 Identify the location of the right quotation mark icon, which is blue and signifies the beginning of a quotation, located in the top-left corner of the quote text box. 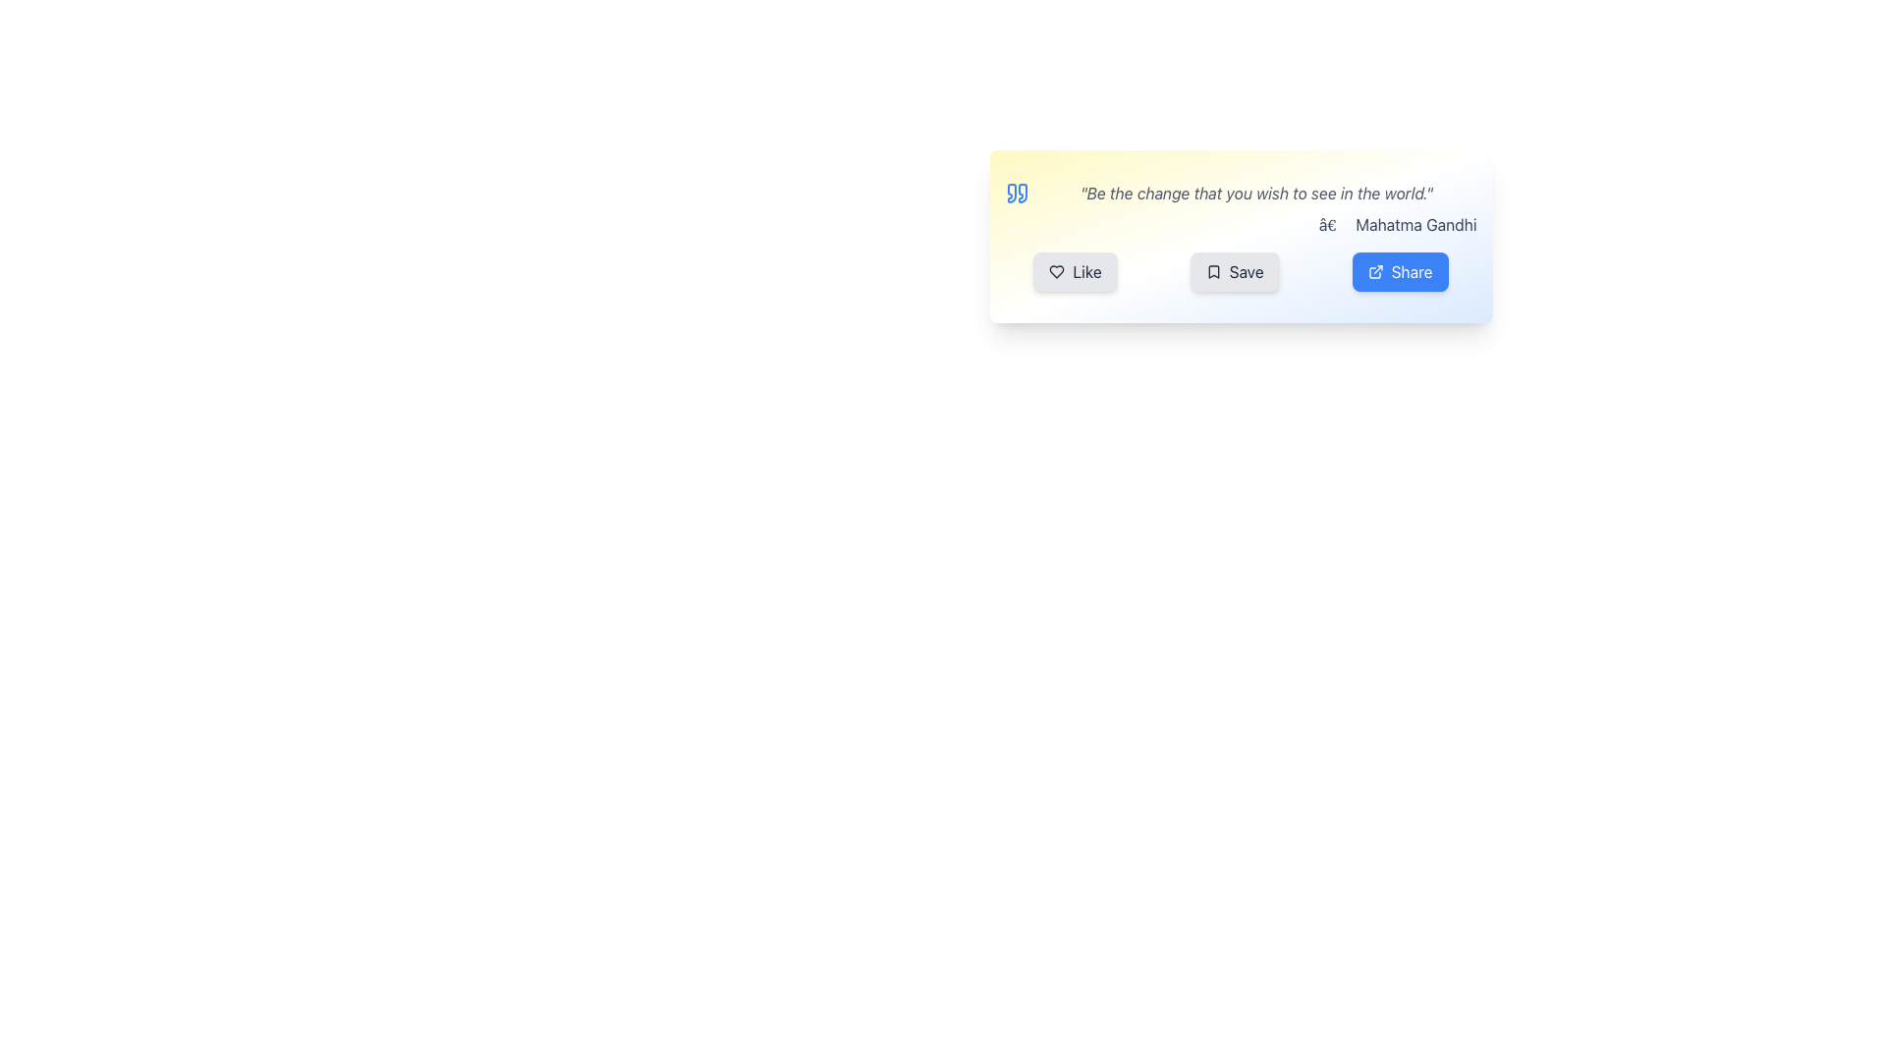
(1022, 193).